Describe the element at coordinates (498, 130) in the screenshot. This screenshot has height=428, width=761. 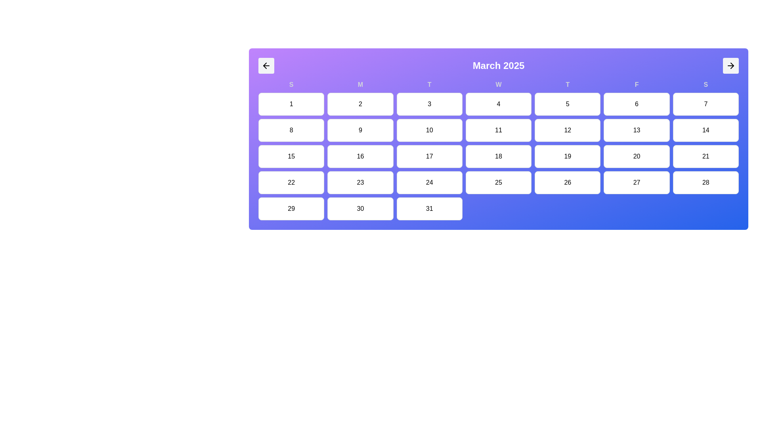
I see `the static text display indicating the 11th day of the month in the calendar view, located in the fourth item of the third row under the 'W' header` at that location.